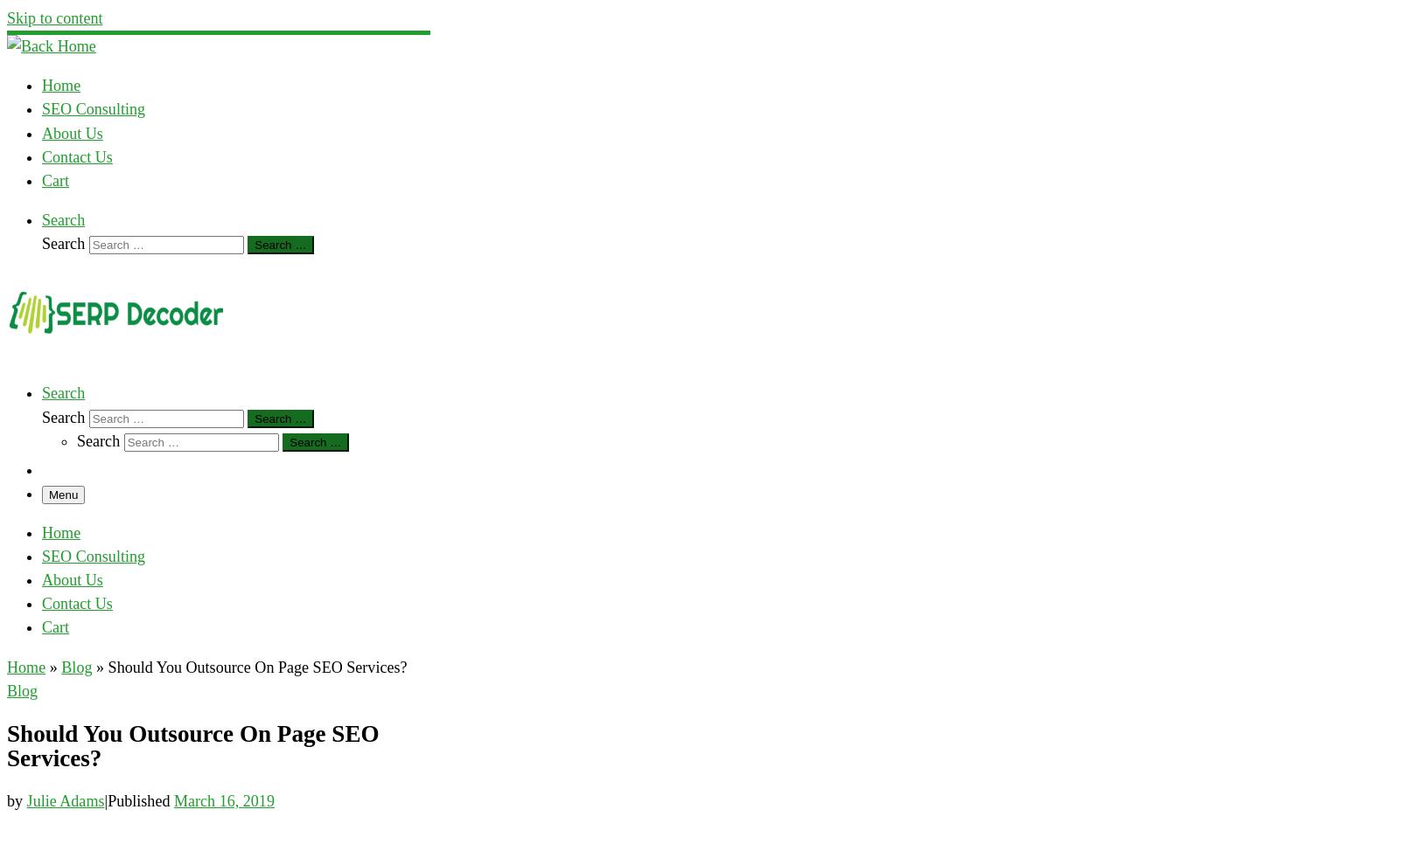 This screenshot has height=844, width=1424. I want to click on 'March 16, 2019', so click(223, 800).